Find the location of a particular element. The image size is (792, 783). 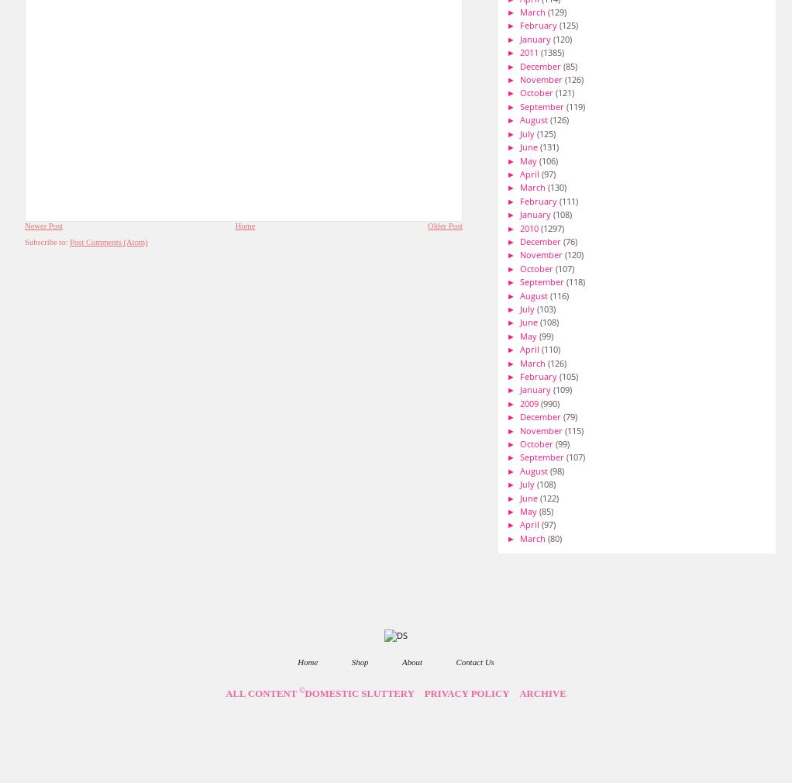

'(990)' is located at coordinates (549, 402).